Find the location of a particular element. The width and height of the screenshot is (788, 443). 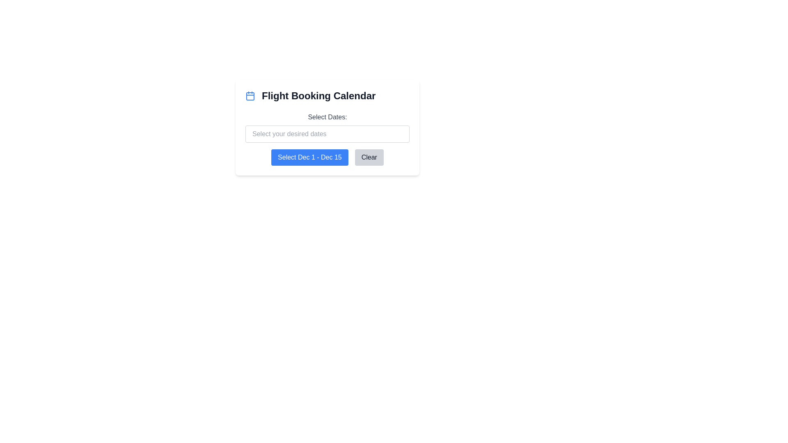

the calendar icon located to the left of the 'Flight Booking Calendar' text is located at coordinates (250, 96).